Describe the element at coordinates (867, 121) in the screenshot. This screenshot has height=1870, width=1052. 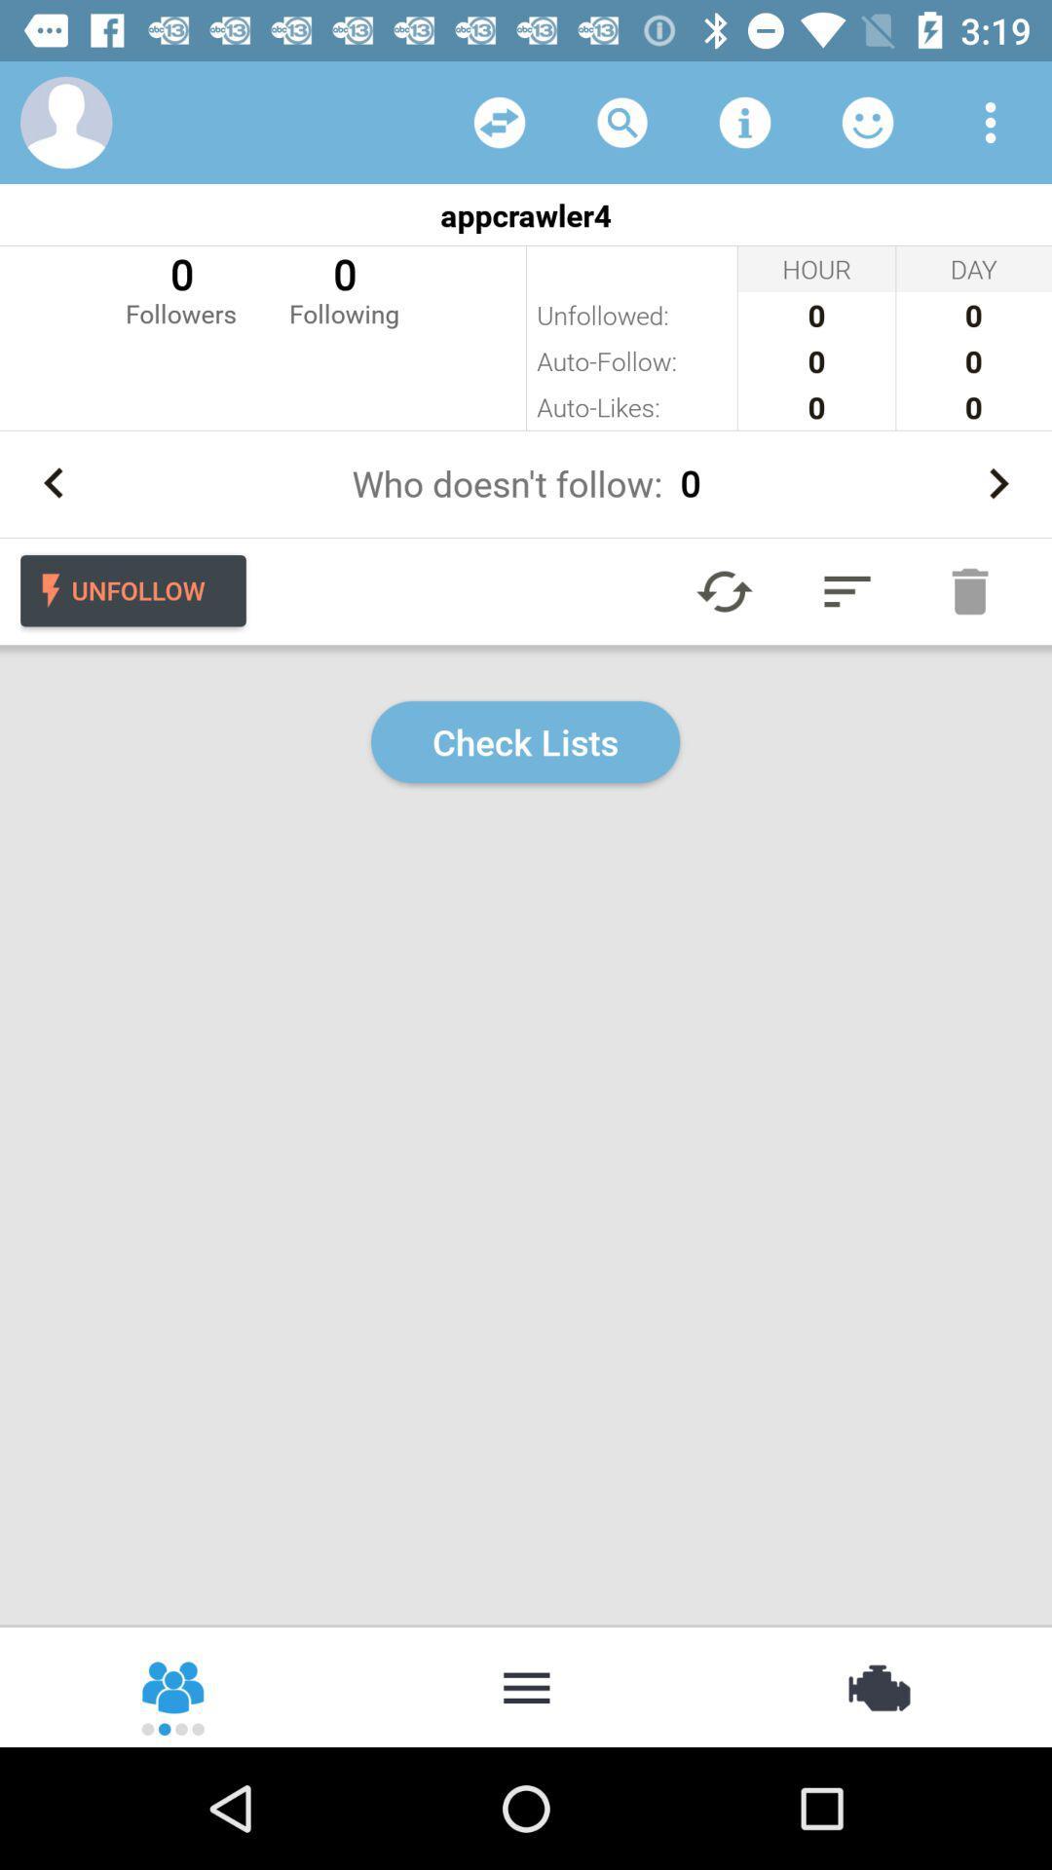
I see `list of followers` at that location.